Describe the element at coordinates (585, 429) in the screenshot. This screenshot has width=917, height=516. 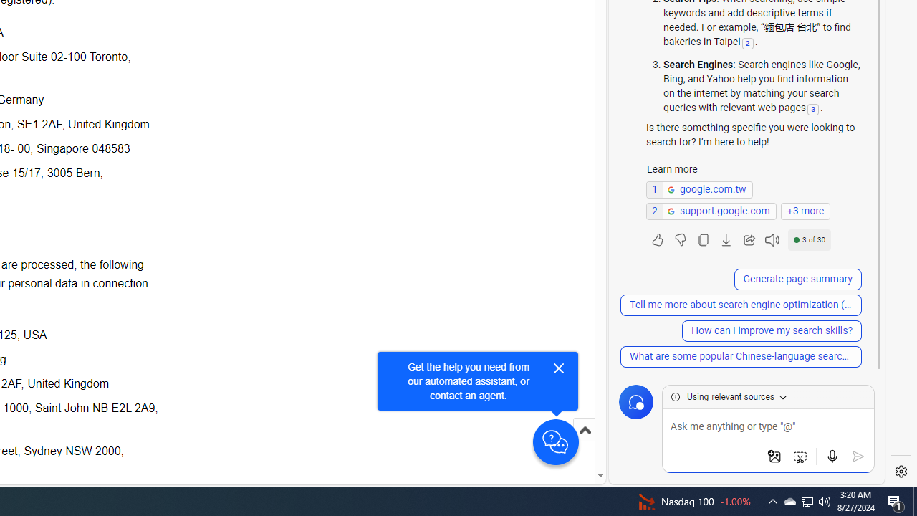
I see `'Scroll to top'` at that location.